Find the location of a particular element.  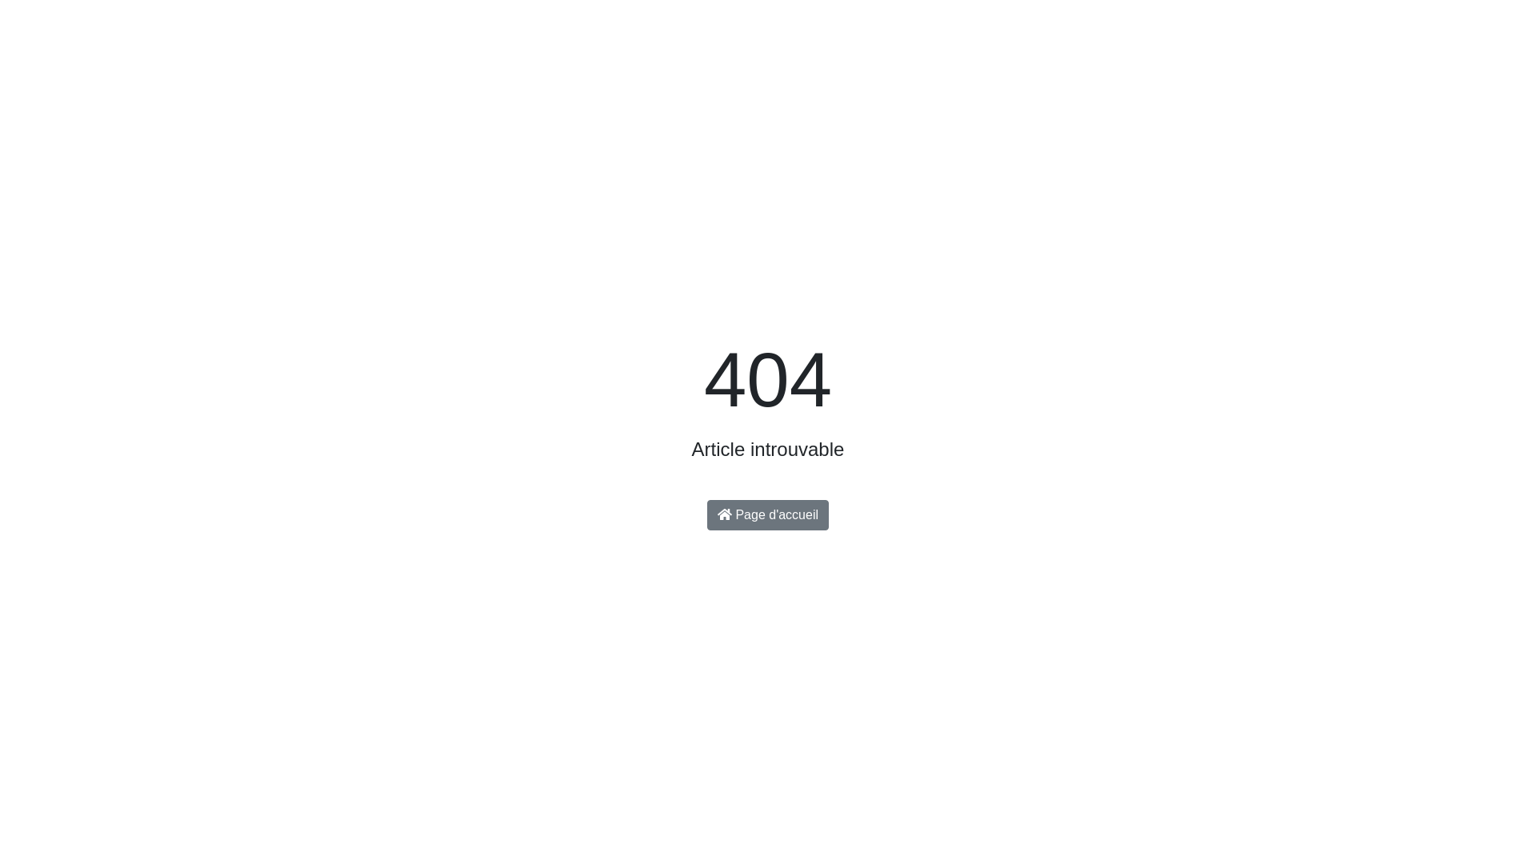

'Page d'accueil' is located at coordinates (768, 515).